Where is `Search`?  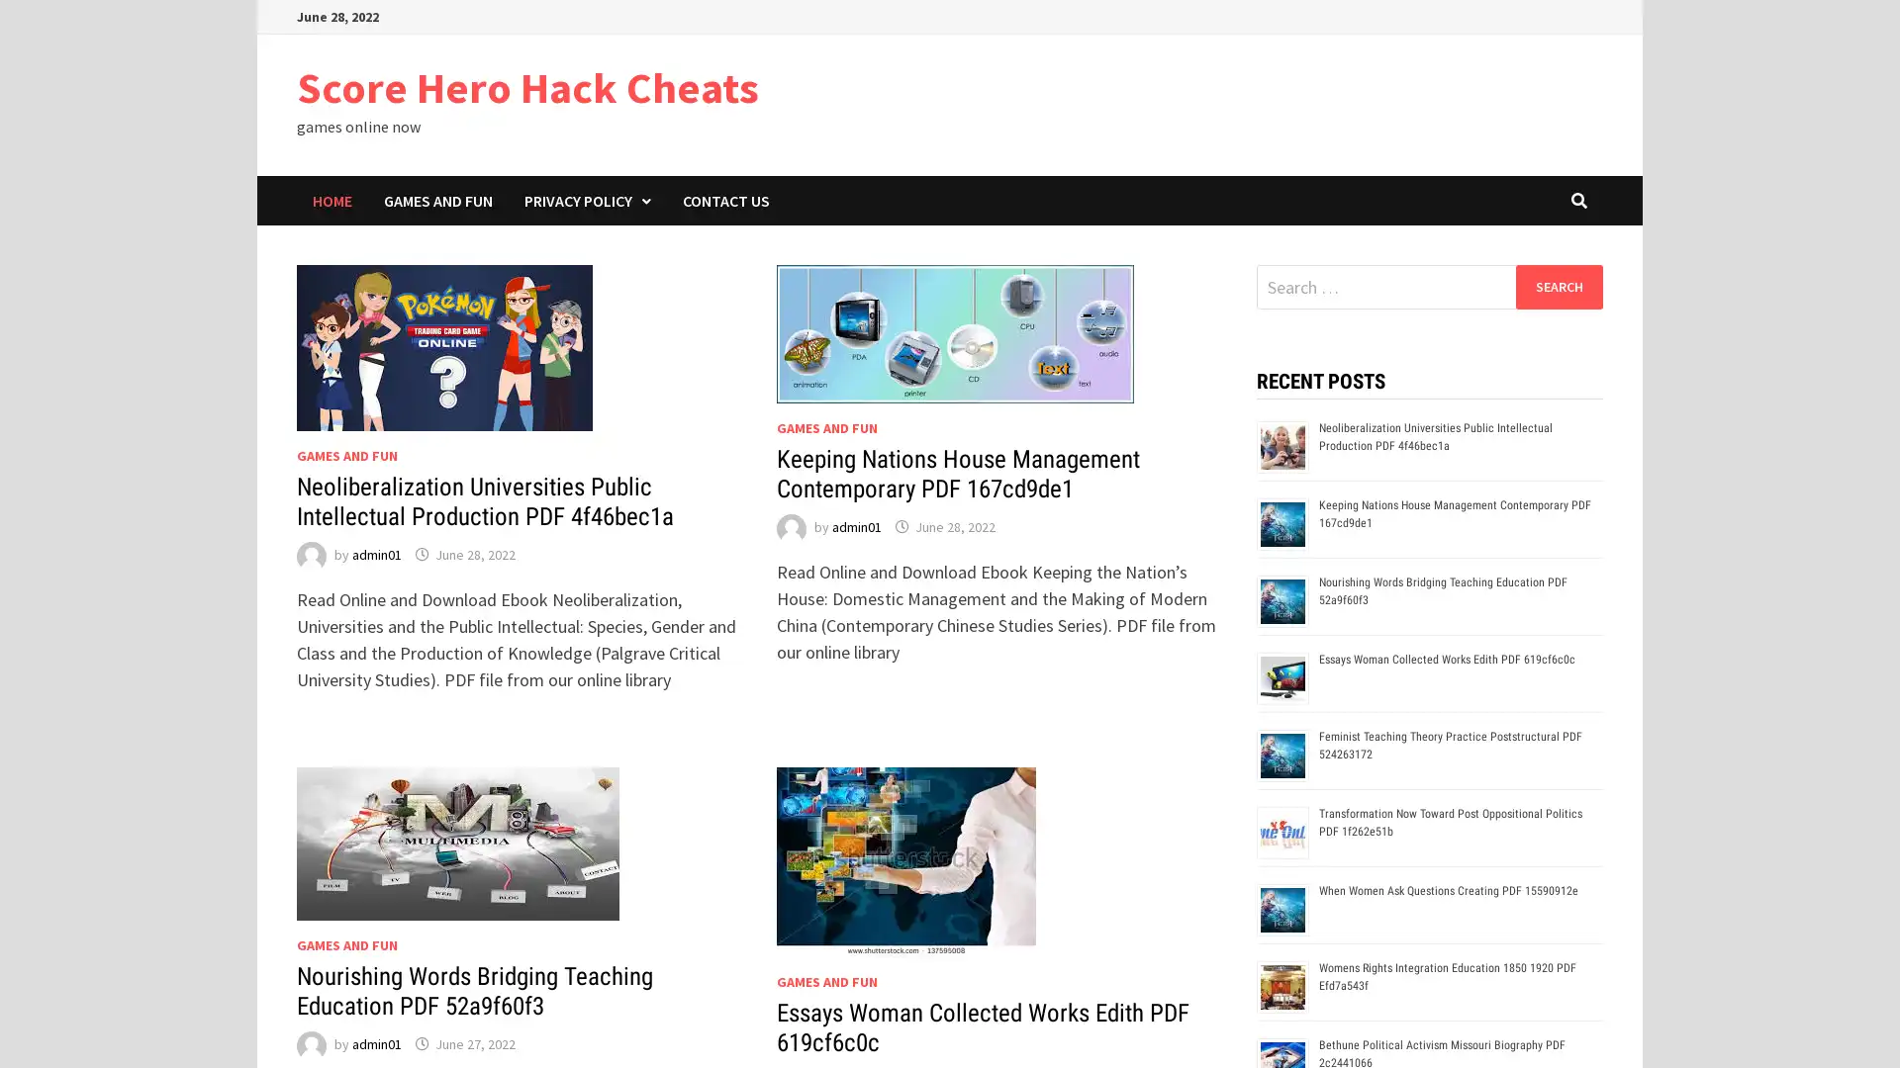
Search is located at coordinates (1558, 286).